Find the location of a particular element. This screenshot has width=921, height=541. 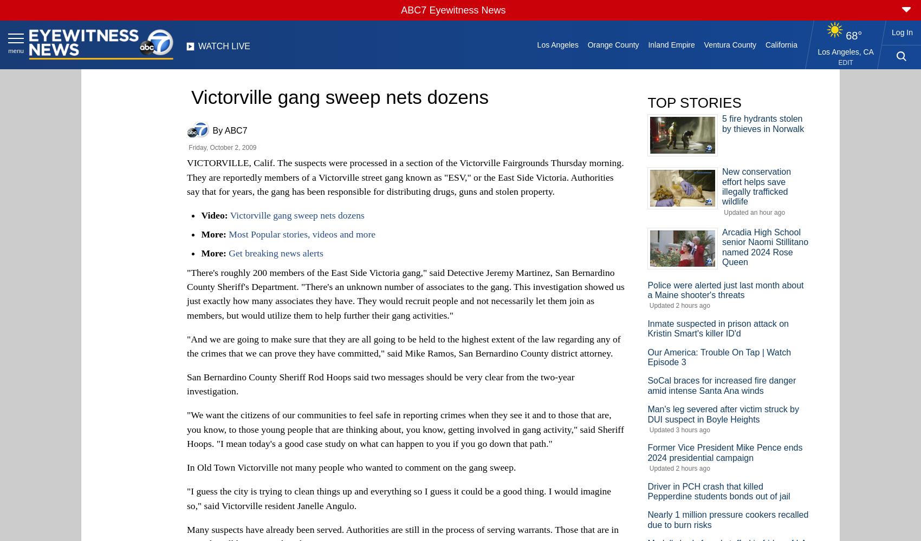

'Most Popular stories, videos and more' is located at coordinates (301, 234).